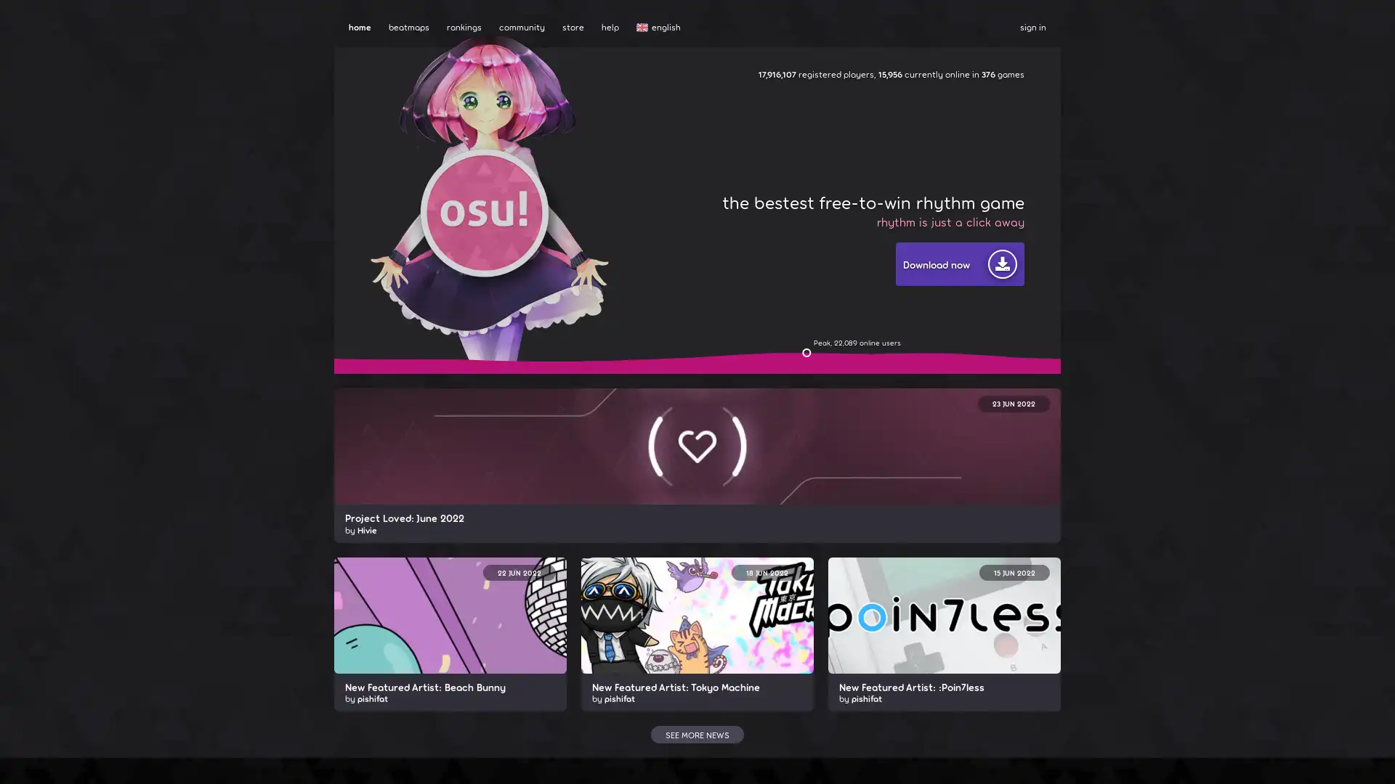  Describe the element at coordinates (679, 397) in the screenshot. I see `portugues` at that location.